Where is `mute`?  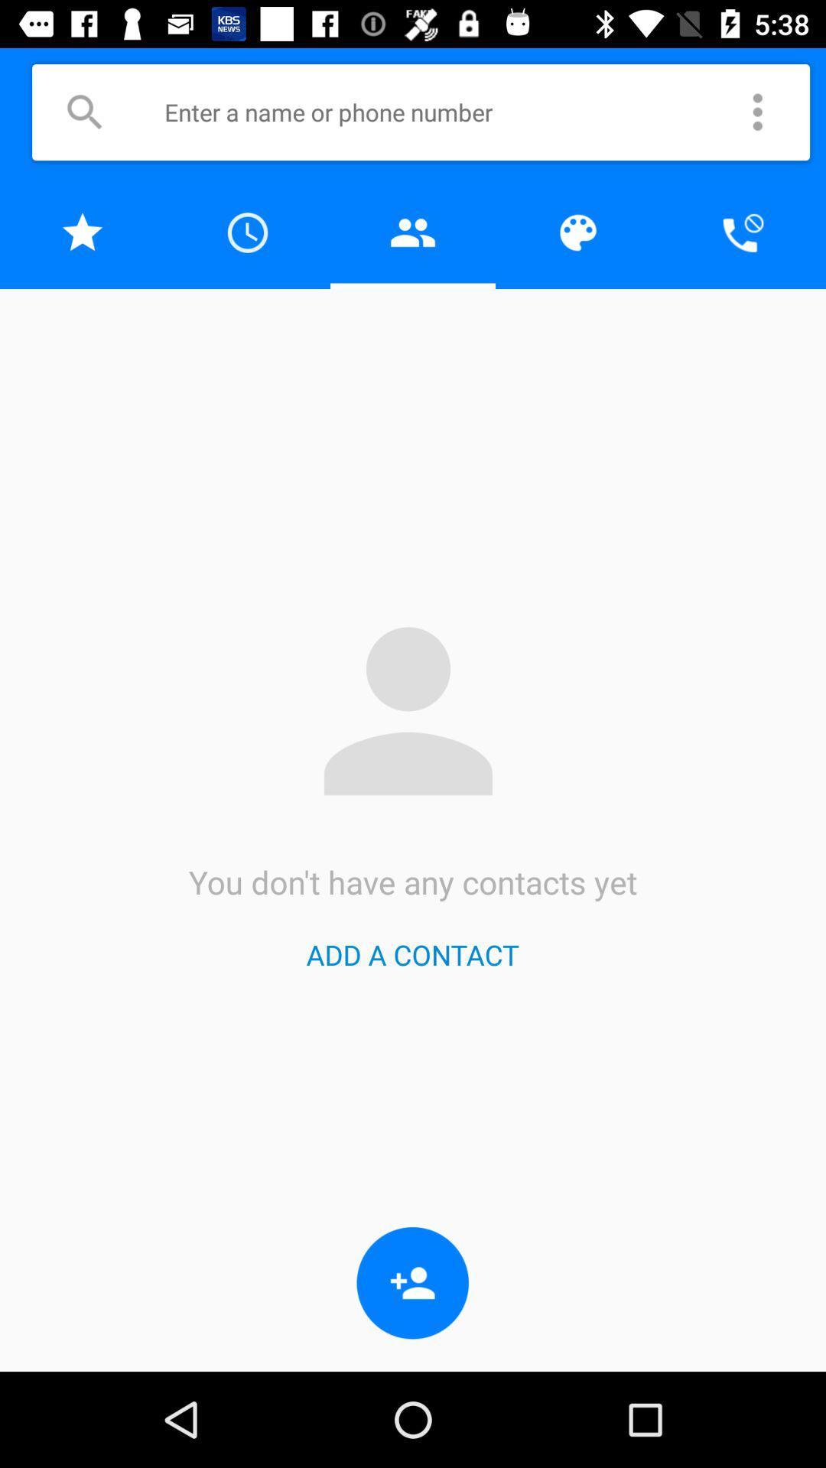
mute is located at coordinates (743, 232).